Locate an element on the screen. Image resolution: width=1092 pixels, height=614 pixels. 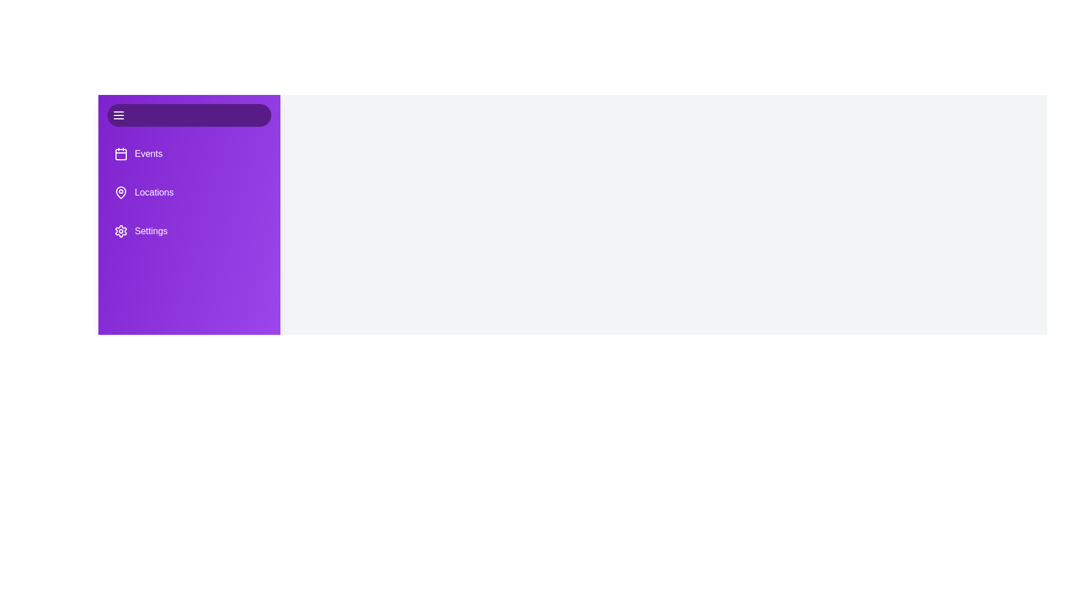
the menu item labeled Events to select it is located at coordinates (189, 153).